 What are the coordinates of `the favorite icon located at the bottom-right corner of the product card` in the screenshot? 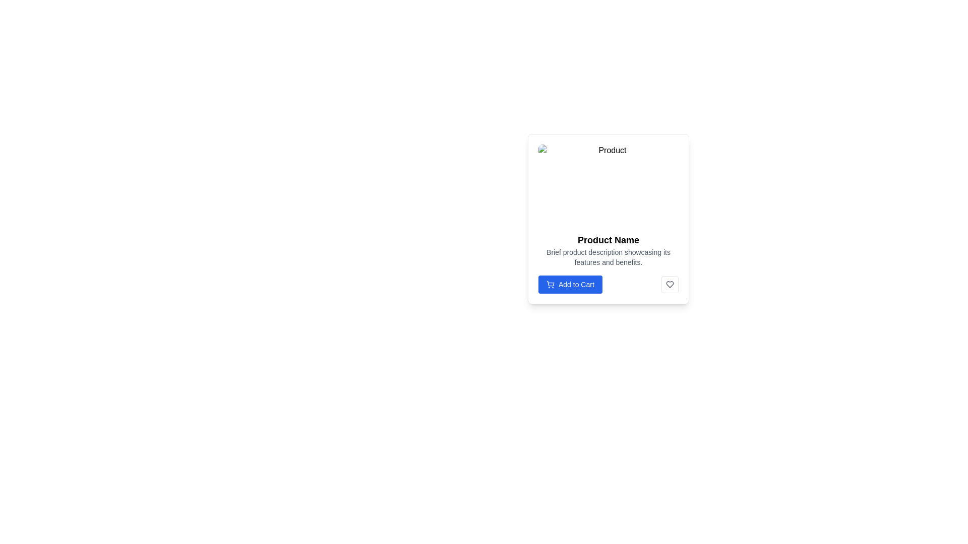 It's located at (670, 284).